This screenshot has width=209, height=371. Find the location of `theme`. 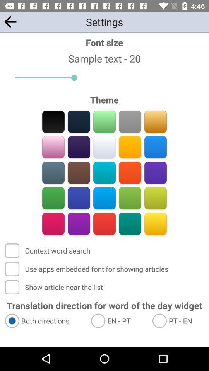

theme is located at coordinates (79, 223).